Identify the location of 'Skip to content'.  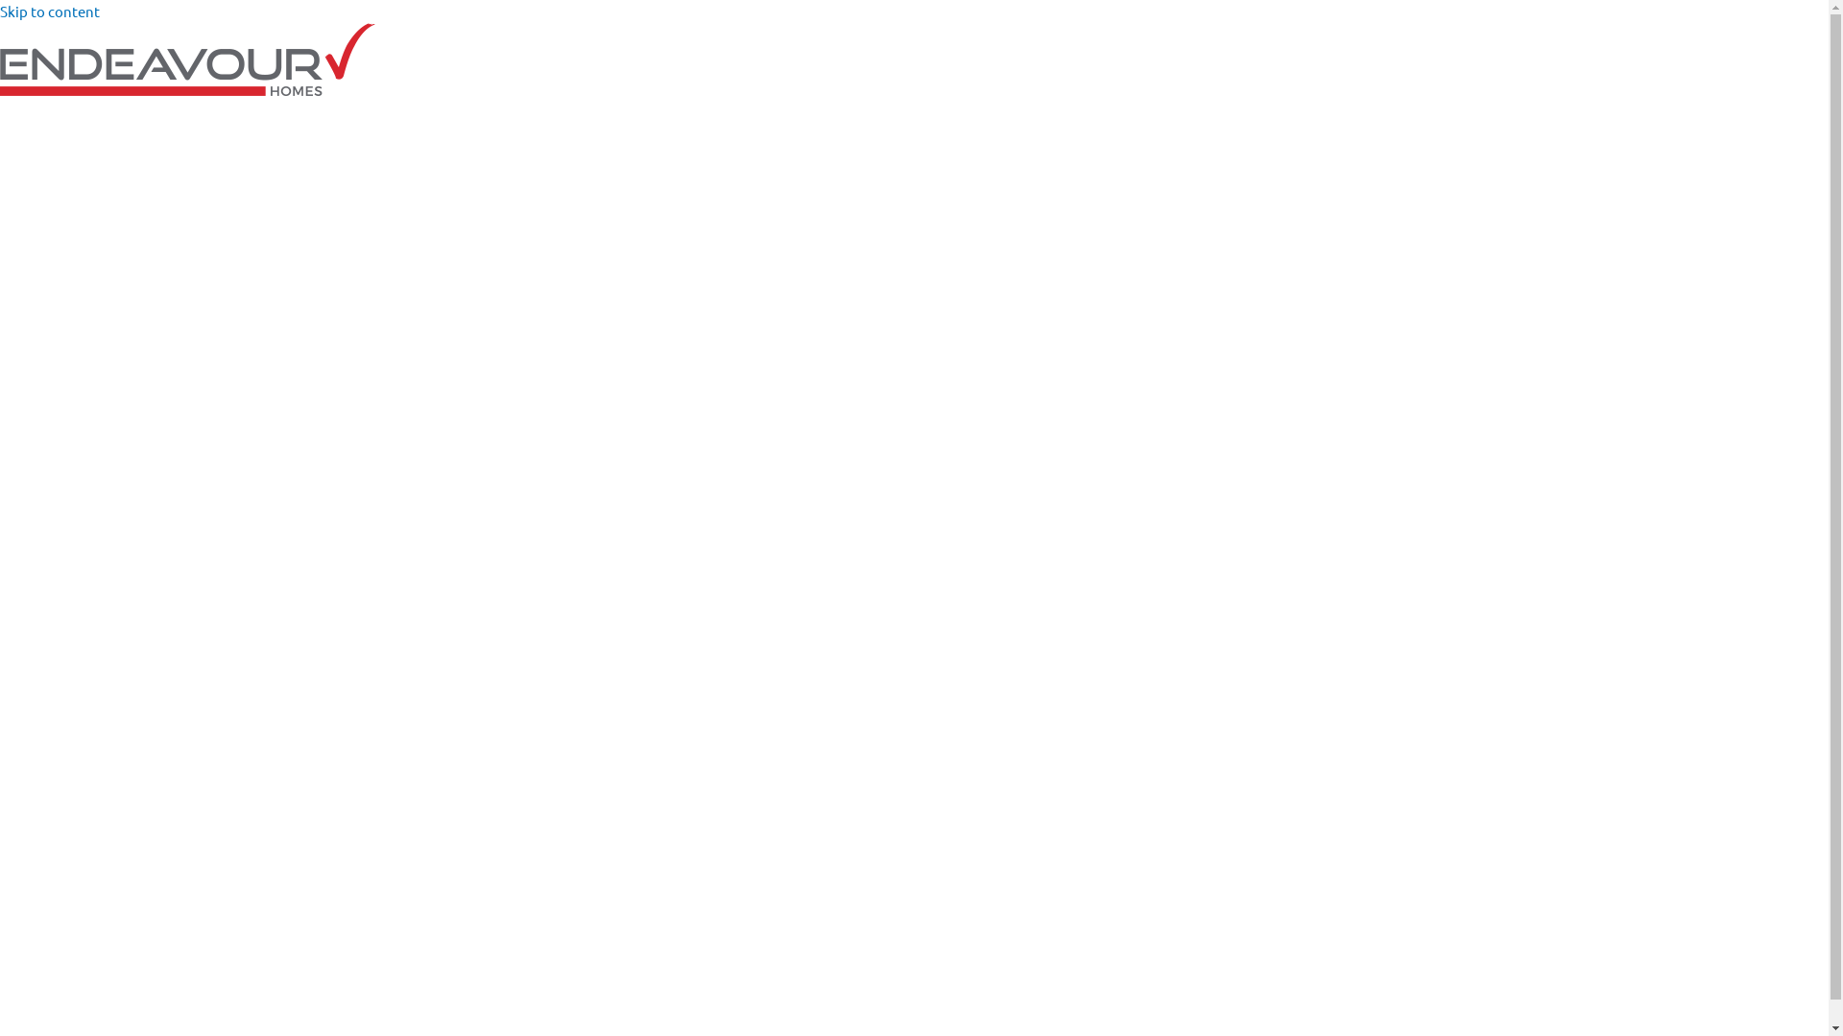
(50, 11).